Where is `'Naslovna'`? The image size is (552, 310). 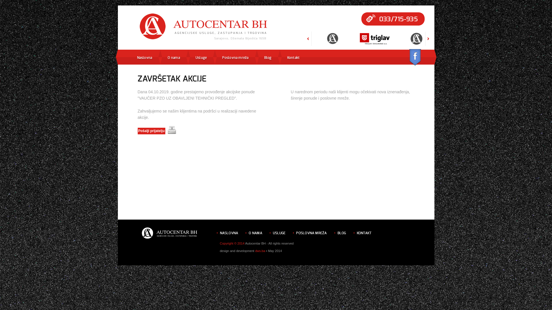 'Naslovna' is located at coordinates (136, 57).